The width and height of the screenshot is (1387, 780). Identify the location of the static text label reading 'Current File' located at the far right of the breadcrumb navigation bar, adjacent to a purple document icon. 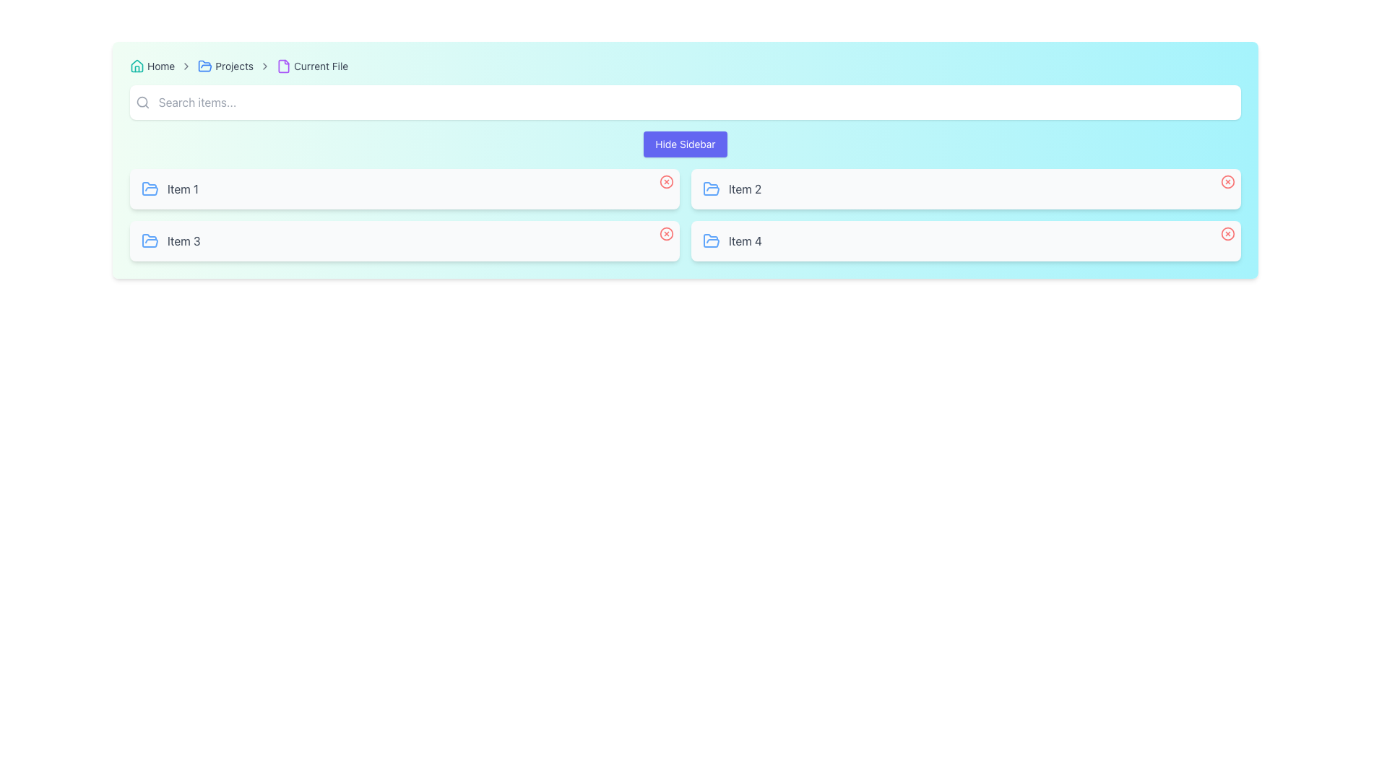
(320, 66).